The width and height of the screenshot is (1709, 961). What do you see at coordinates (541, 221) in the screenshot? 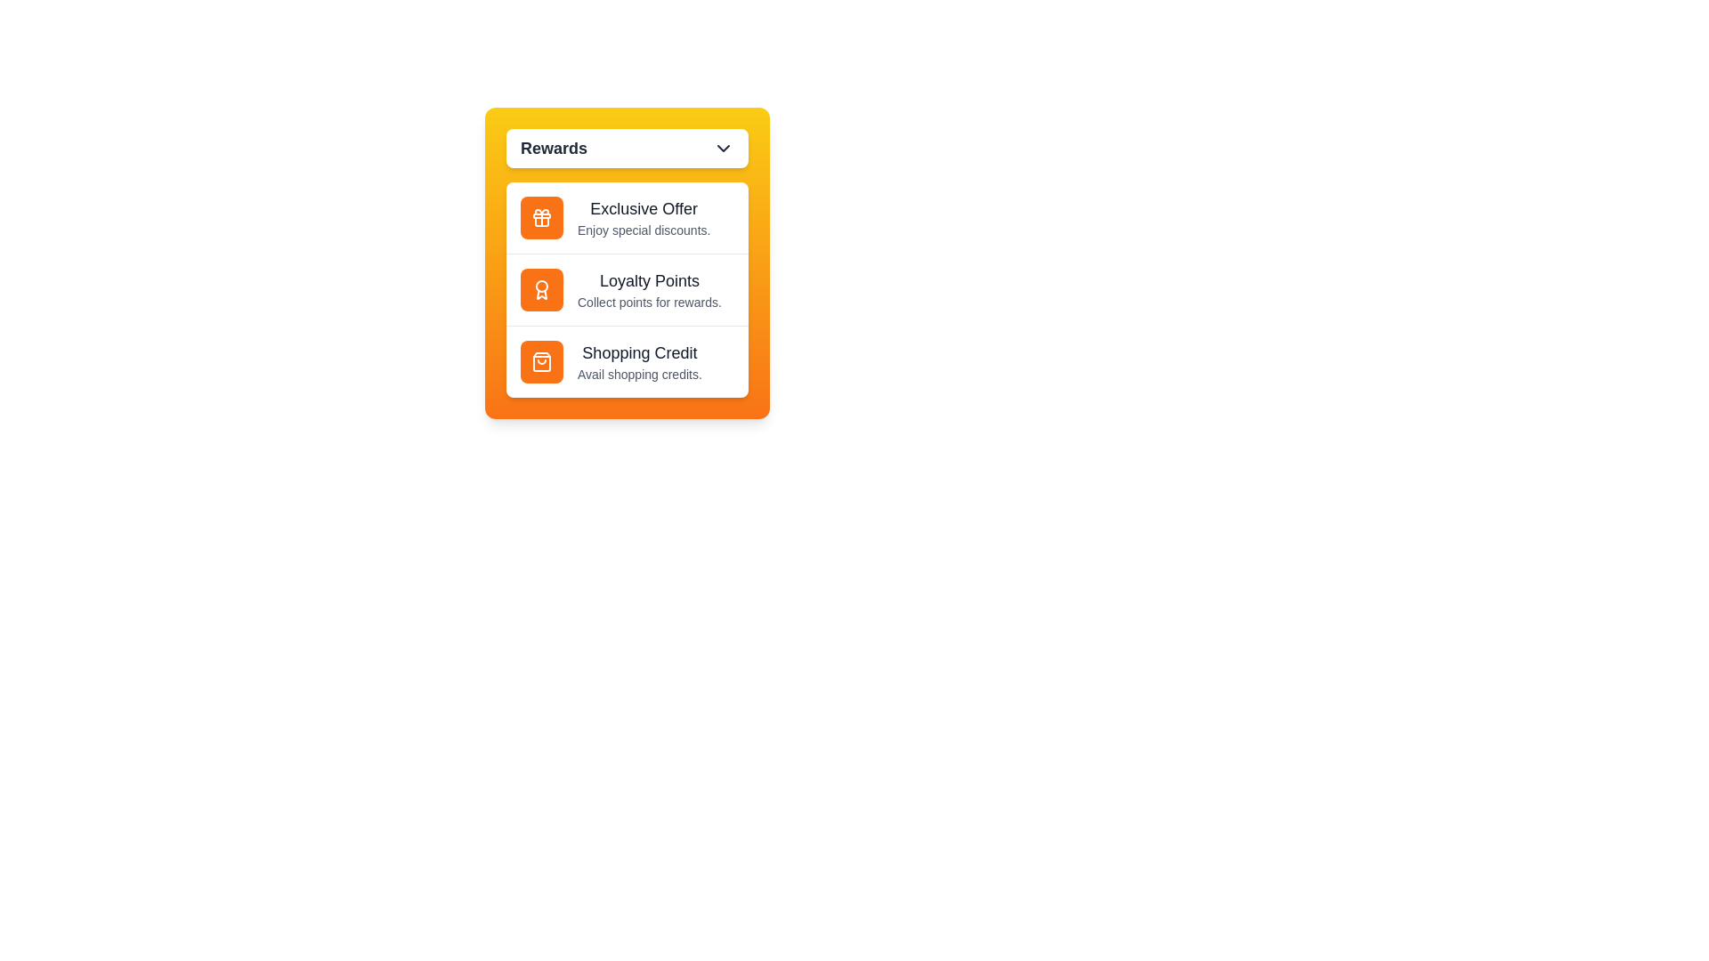
I see `the gift box icon with rounded edges on the orange background` at bounding box center [541, 221].